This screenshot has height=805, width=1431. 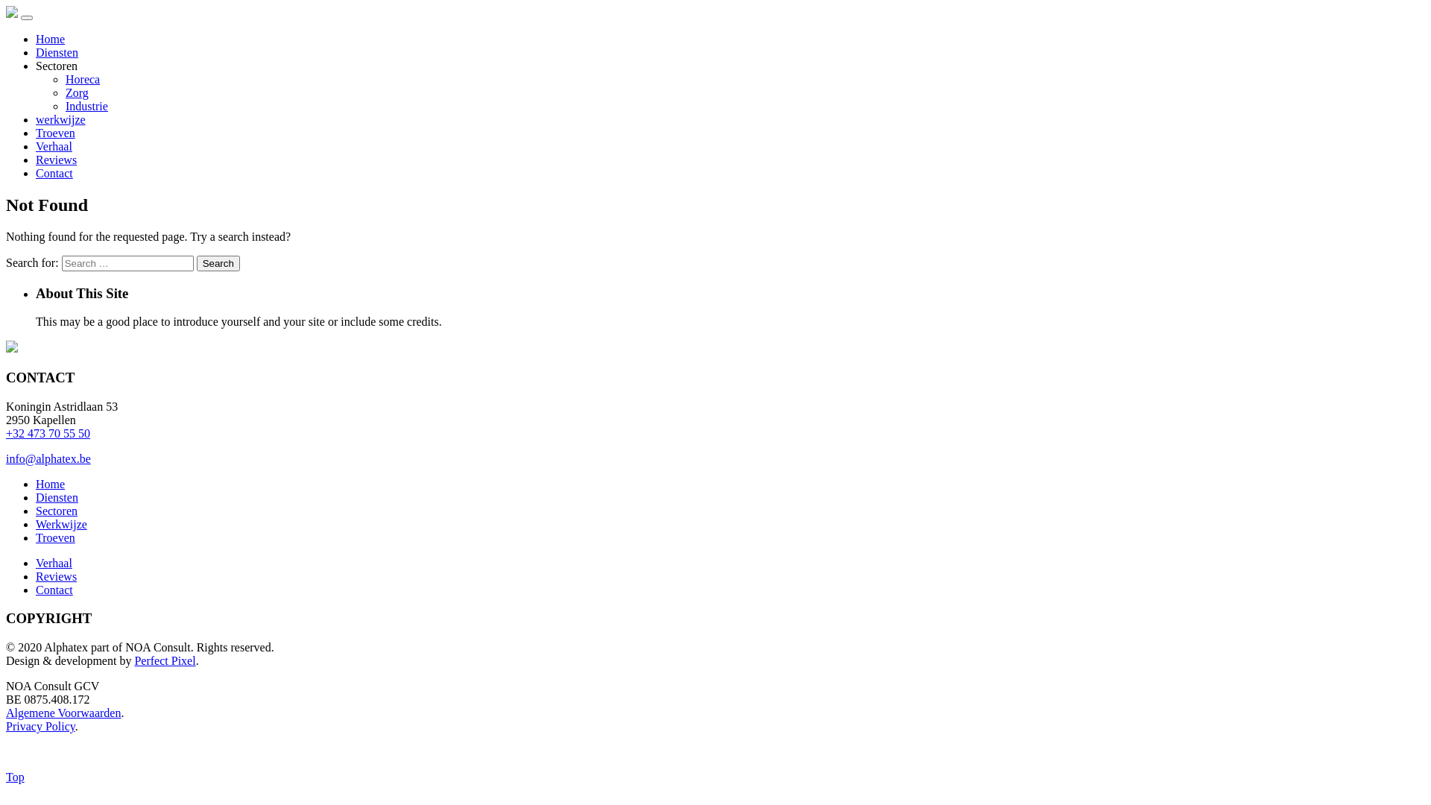 I want to click on 'Industrie', so click(x=64, y=105).